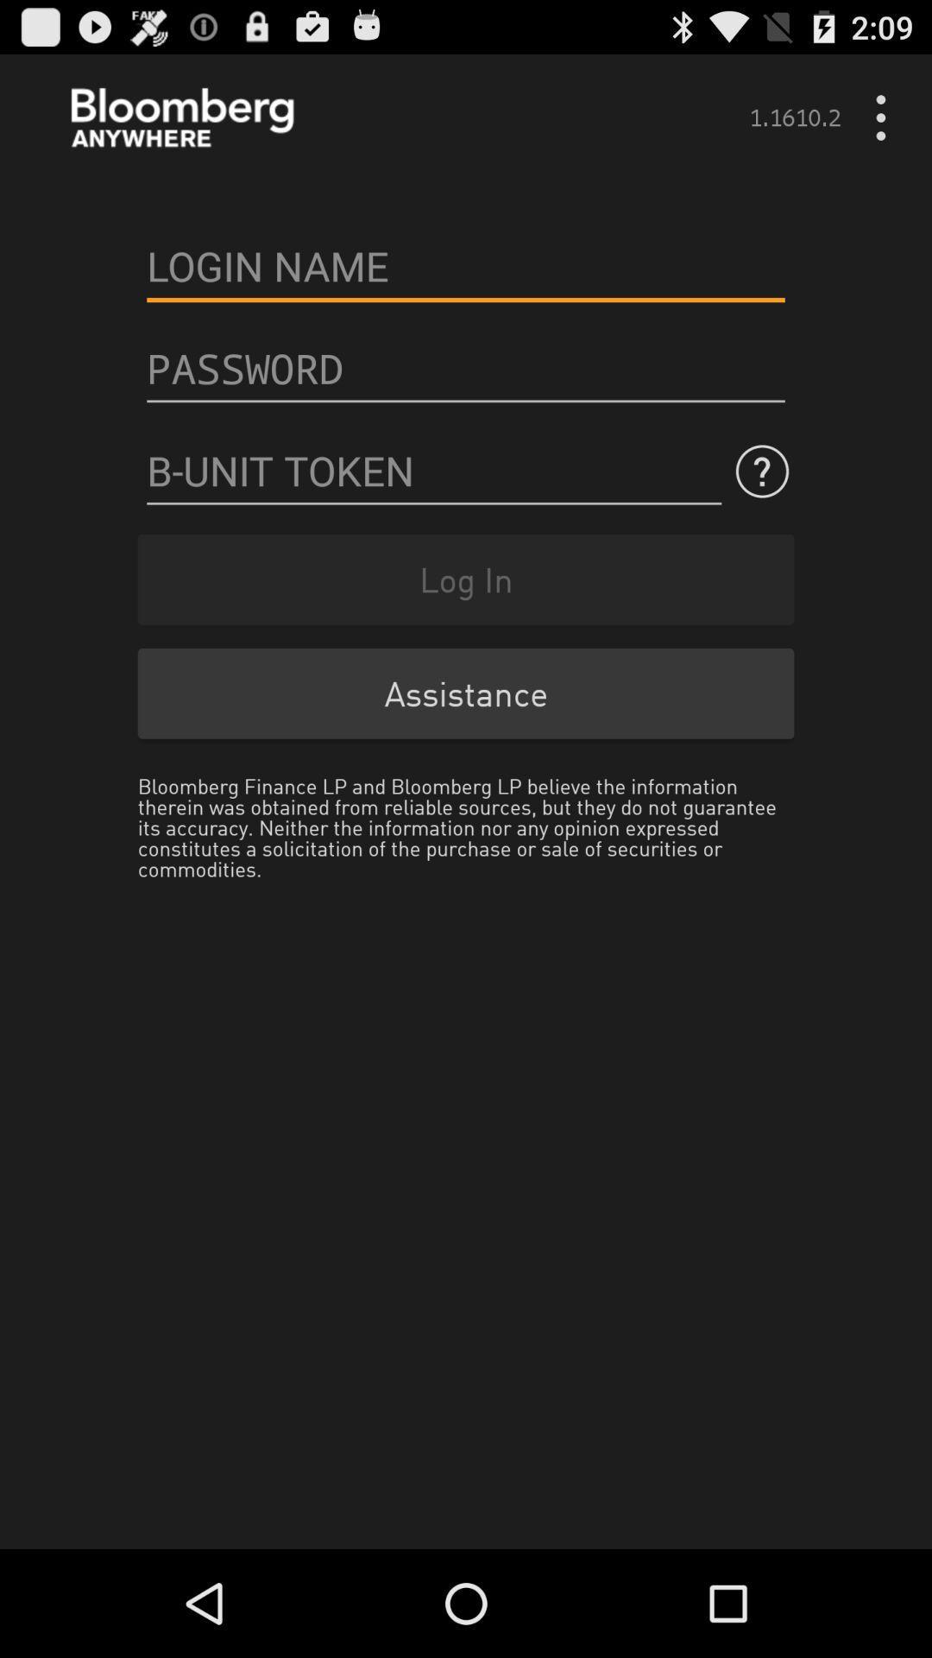  Describe the element at coordinates (433, 471) in the screenshot. I see `questions` at that location.